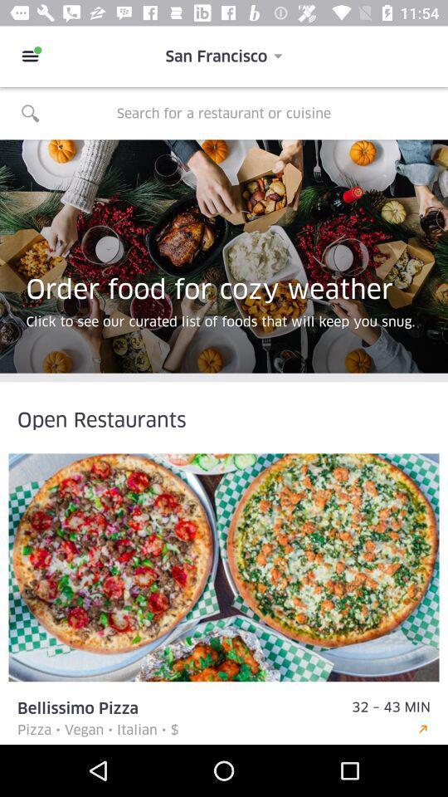  What do you see at coordinates (30, 56) in the screenshot?
I see `the icon to the left of san francisco item` at bounding box center [30, 56].